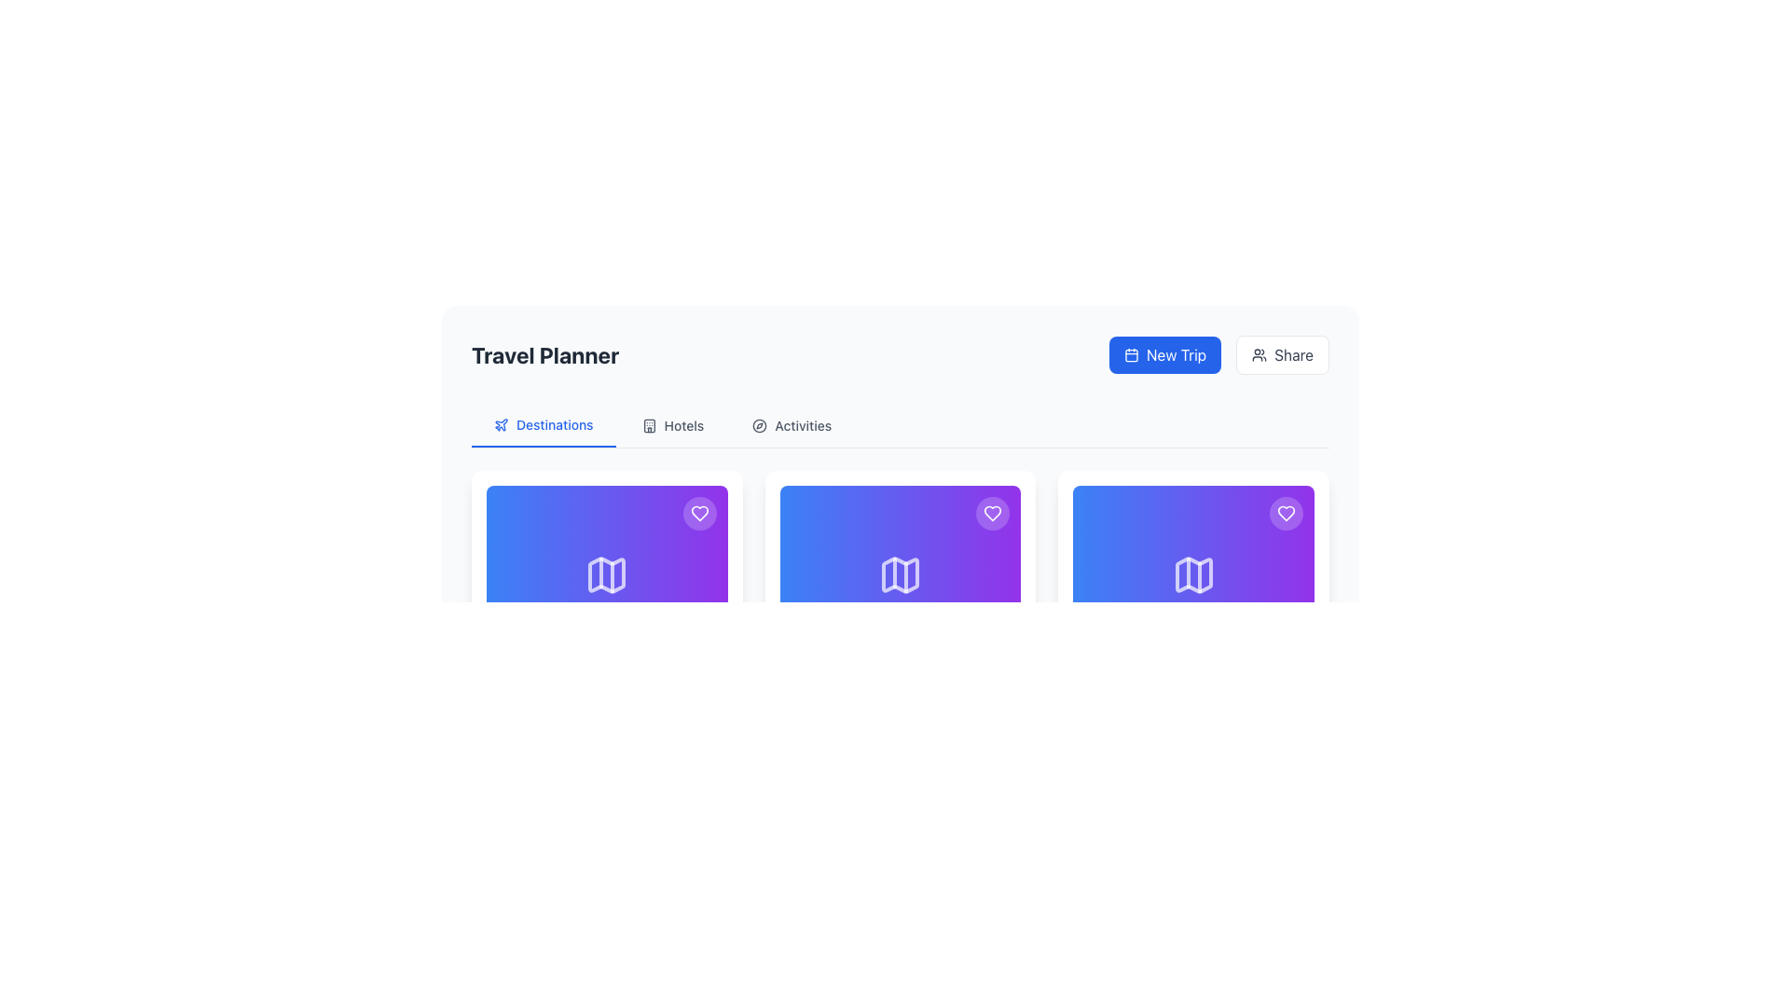 This screenshot has width=1790, height=1007. Describe the element at coordinates (649, 425) in the screenshot. I see `the Decorative vector component within the SVG icon located in the top-right portion of the interface` at that location.